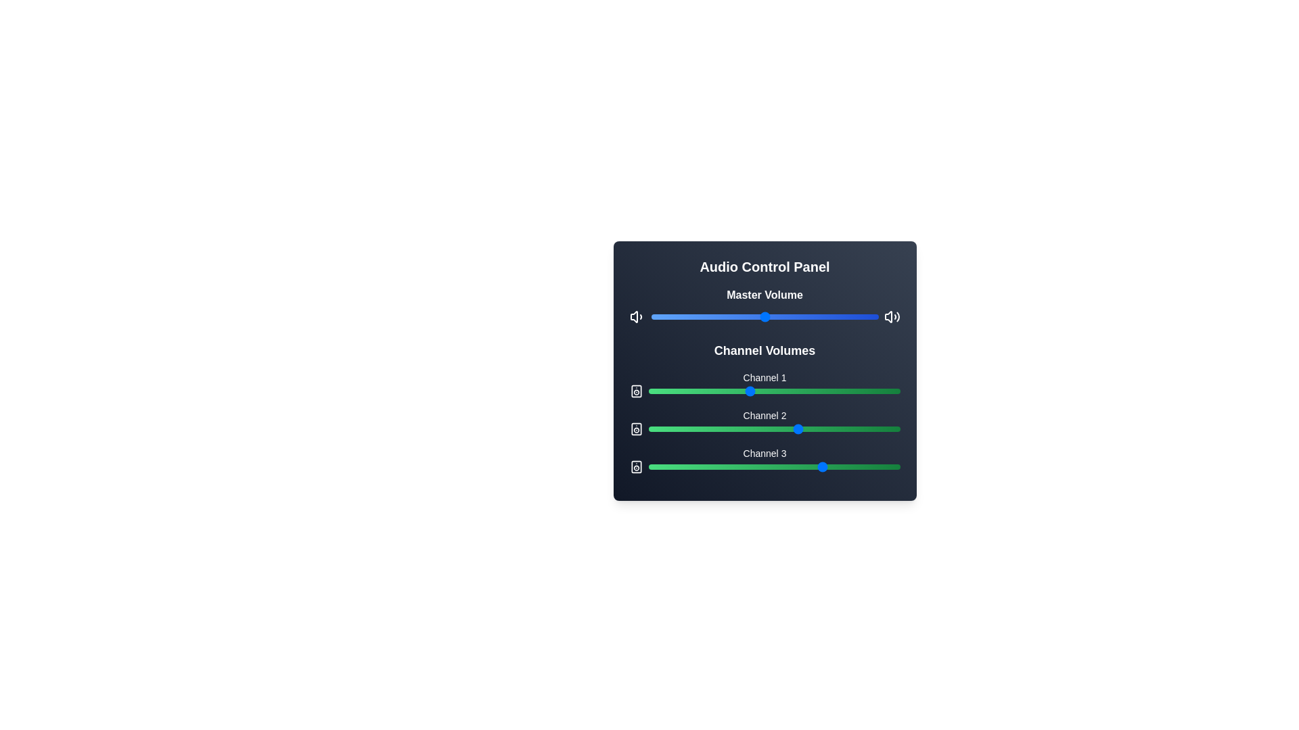 The width and height of the screenshot is (1299, 730). I want to click on the master volume, so click(760, 317).